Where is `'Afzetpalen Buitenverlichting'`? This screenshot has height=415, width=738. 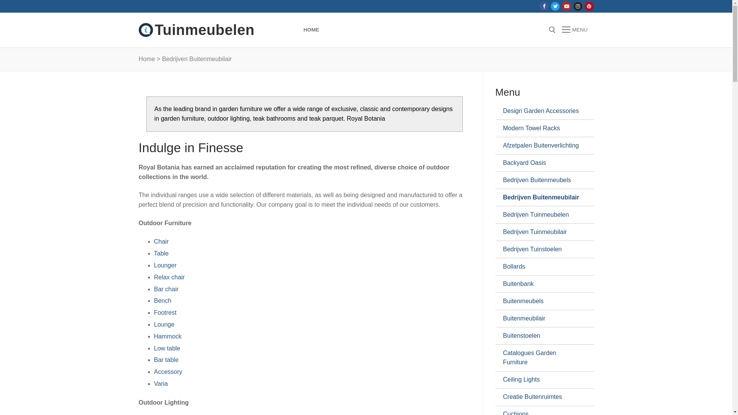
'Afzetpalen Buitenverlichting' is located at coordinates (540, 145).